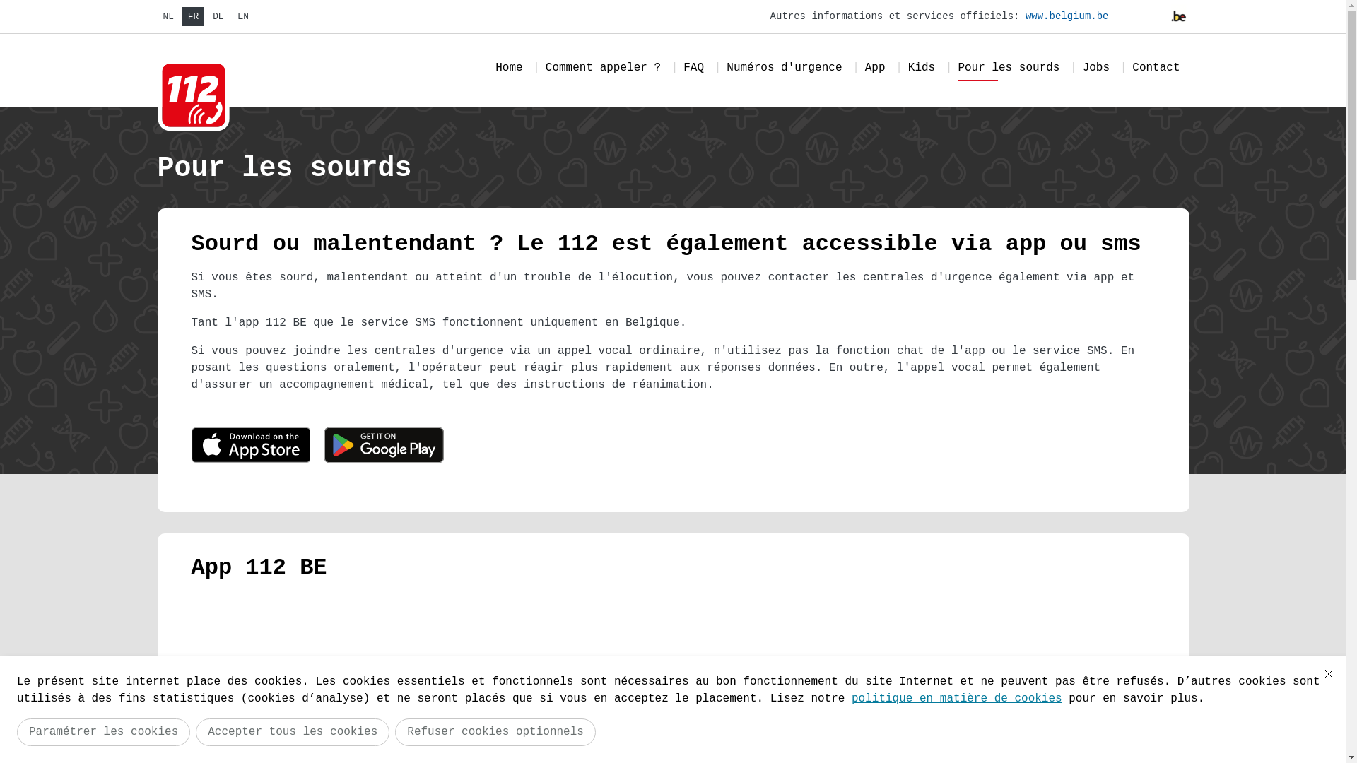 The image size is (1357, 763). I want to click on 'www.belgium.be', so click(1069, 16).